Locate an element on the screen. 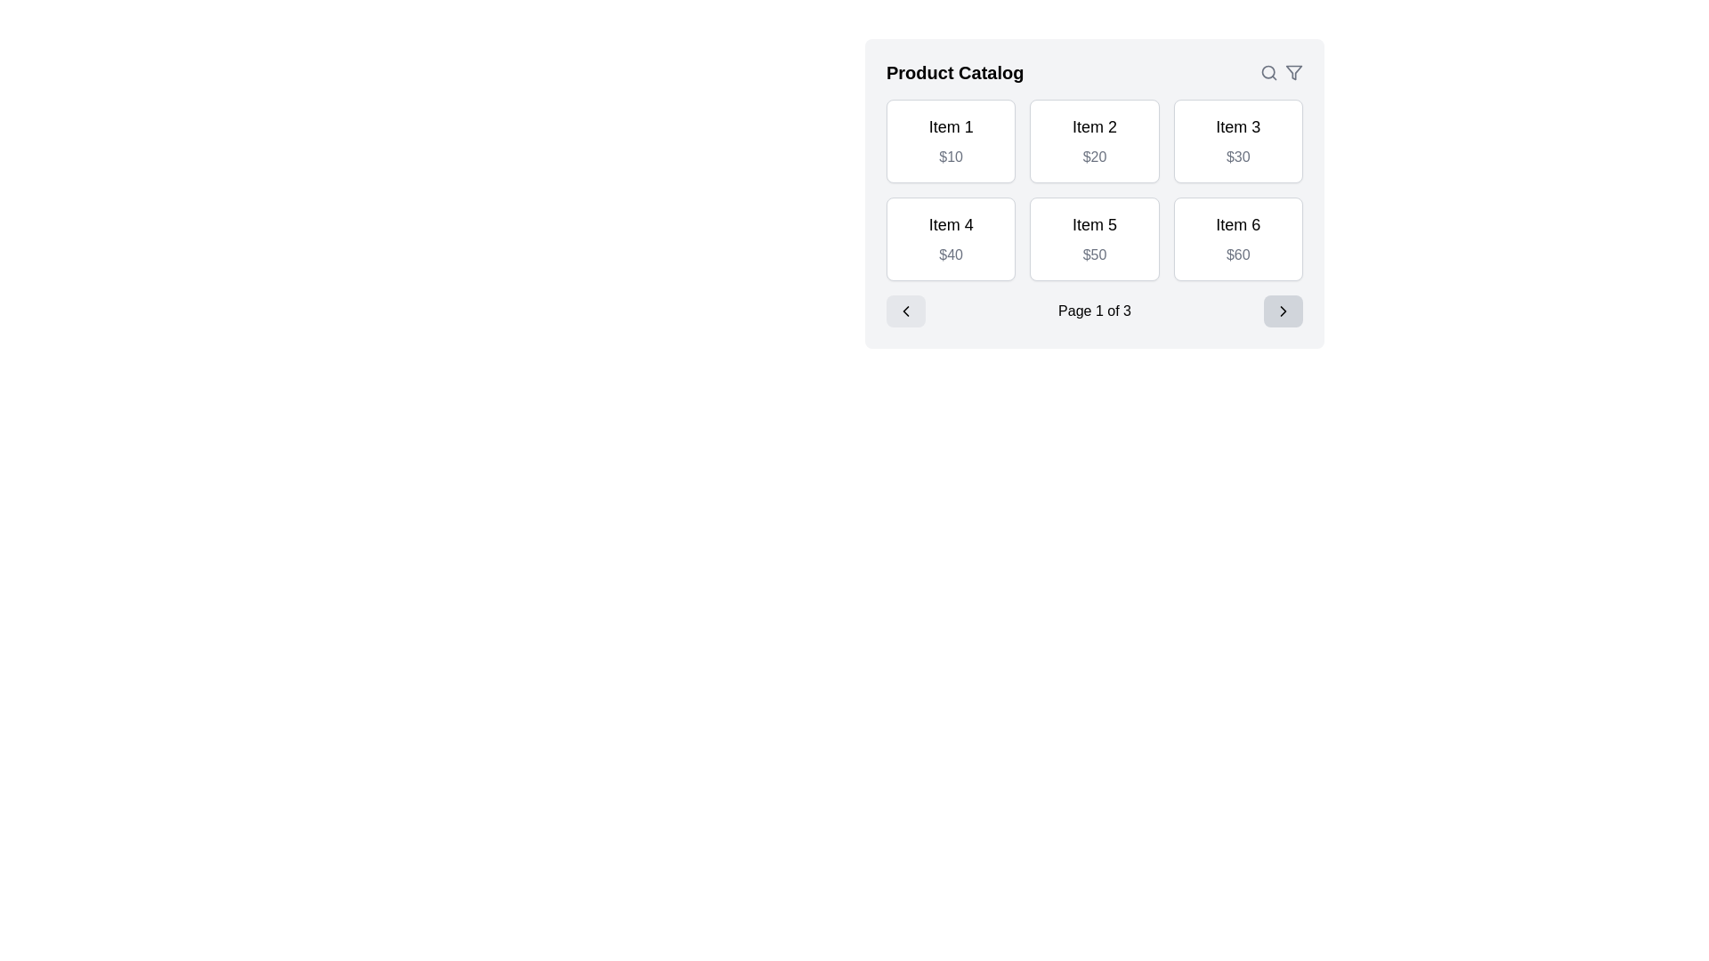  the left-pointing chevron icon outlined in black is located at coordinates (905, 311).